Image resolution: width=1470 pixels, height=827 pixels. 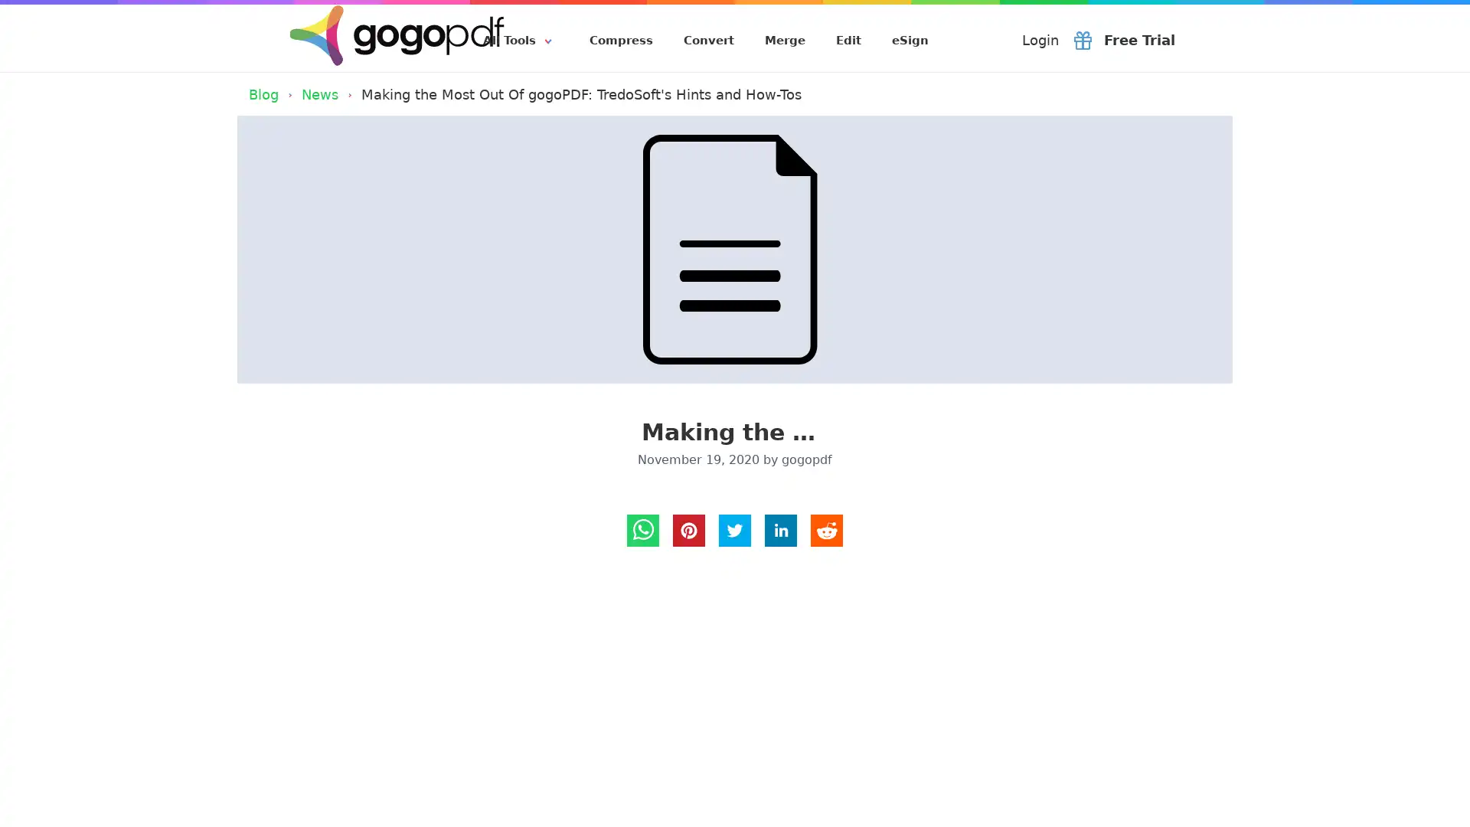 I want to click on Whatsapp, so click(x=643, y=530).